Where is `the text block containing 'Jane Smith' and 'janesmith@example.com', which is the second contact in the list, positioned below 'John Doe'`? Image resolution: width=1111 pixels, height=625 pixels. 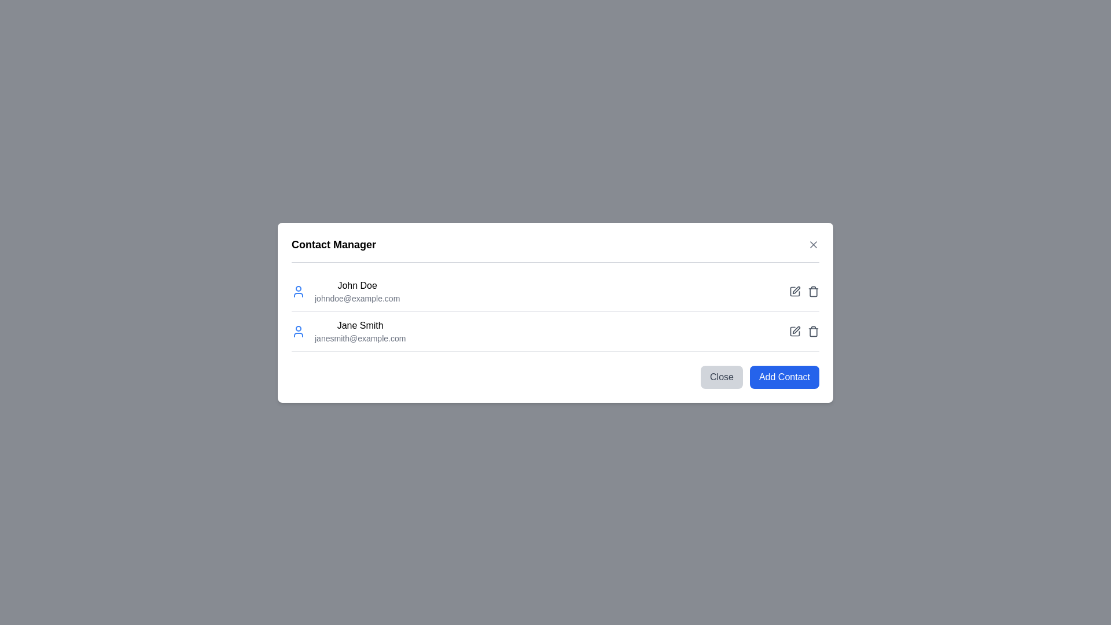 the text block containing 'Jane Smith' and 'janesmith@example.com', which is the second contact in the list, positioned below 'John Doe' is located at coordinates (359, 331).